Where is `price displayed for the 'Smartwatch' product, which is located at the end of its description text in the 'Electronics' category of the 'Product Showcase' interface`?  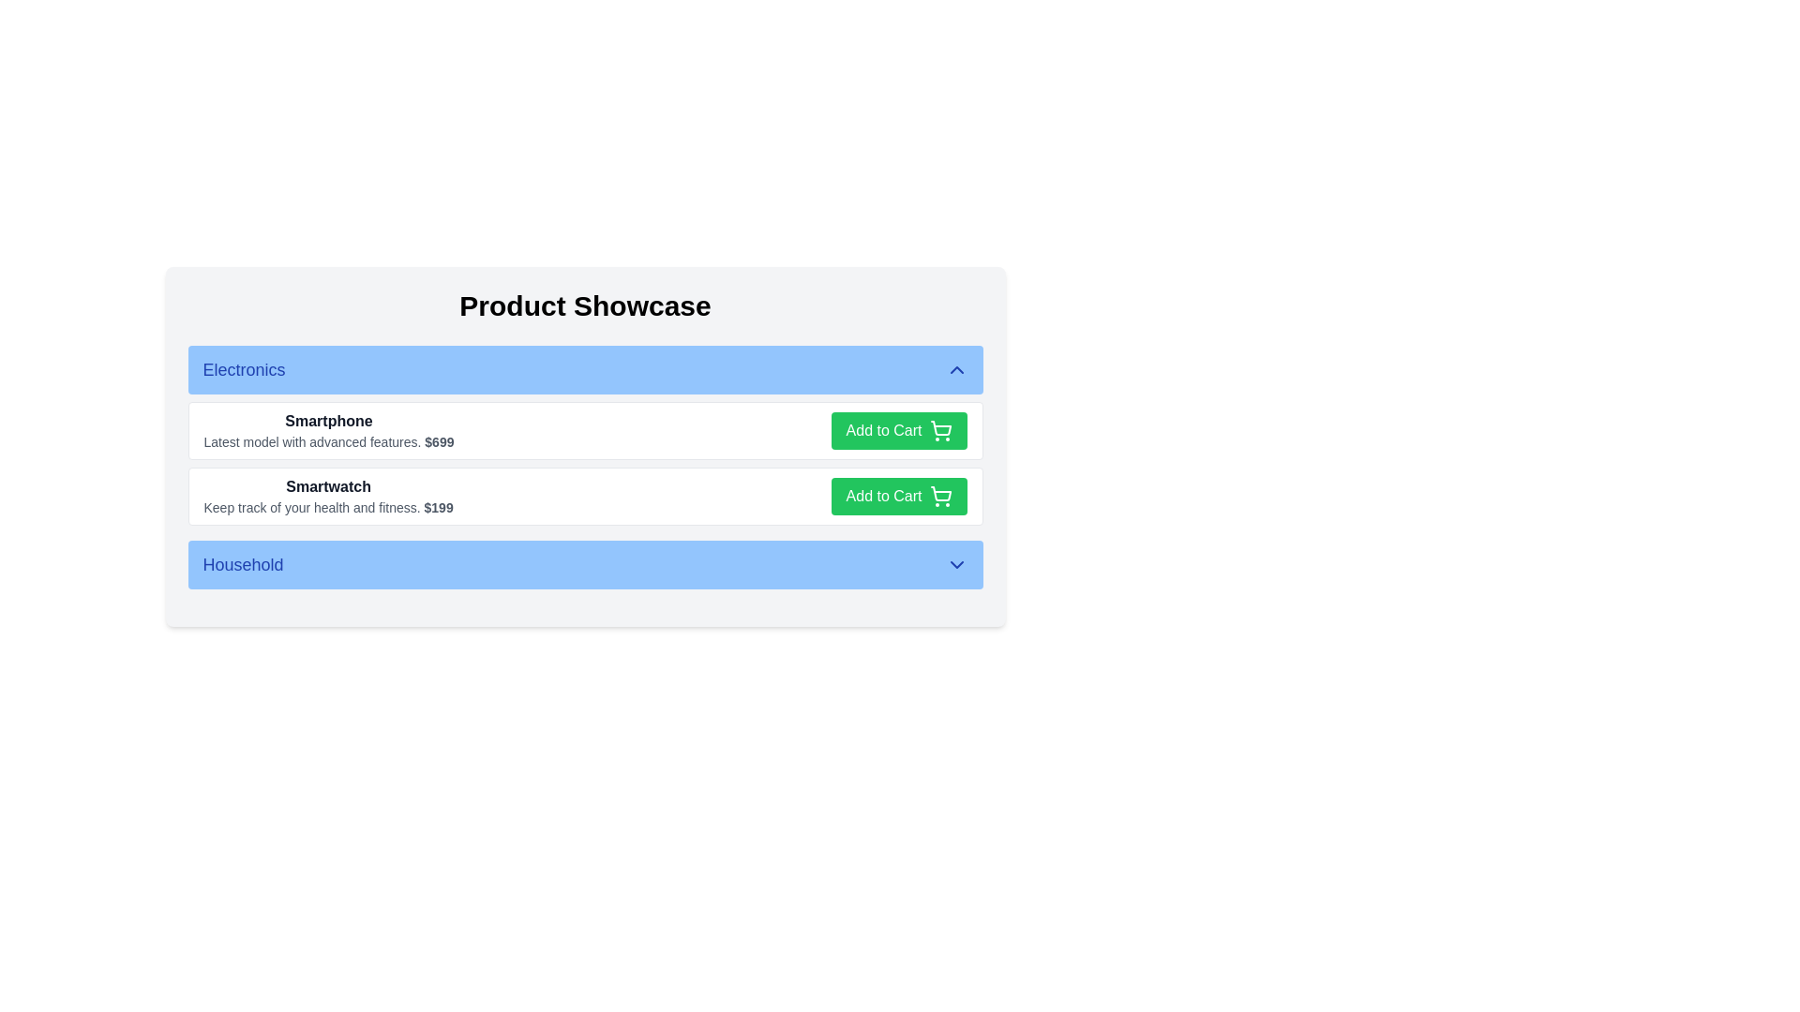 price displayed for the 'Smartwatch' product, which is located at the end of its description text in the 'Electronics' category of the 'Product Showcase' interface is located at coordinates (438, 508).